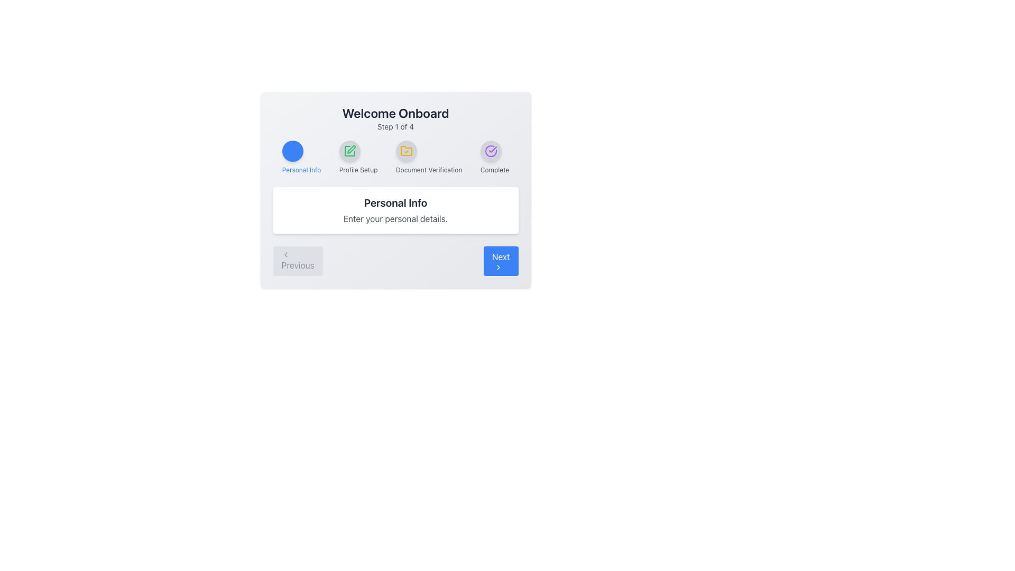 This screenshot has width=1015, height=571. Describe the element at coordinates (492, 149) in the screenshot. I see `the checkmark icon that signifies the completion of a process, located on the rightmost side among the step icons under the 'Complete' title` at that location.